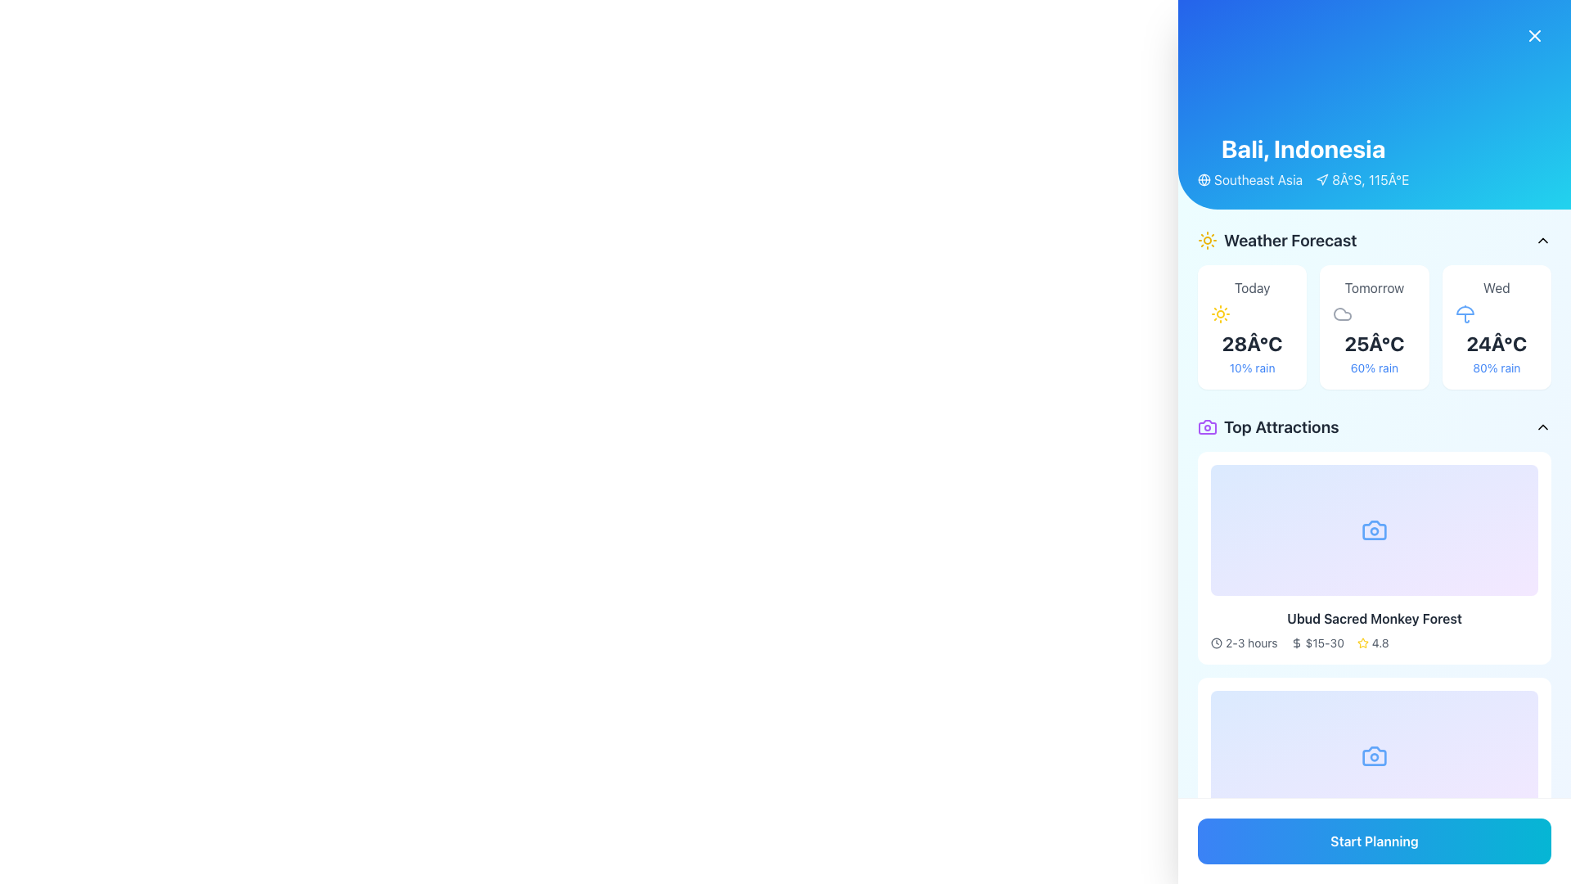 The height and width of the screenshot is (884, 1571). Describe the element at coordinates (1251, 368) in the screenshot. I see `the blue text snippet that reads '10% rain', located within the 'Today' weather card, positioned under the temperature value '28°C'` at that location.